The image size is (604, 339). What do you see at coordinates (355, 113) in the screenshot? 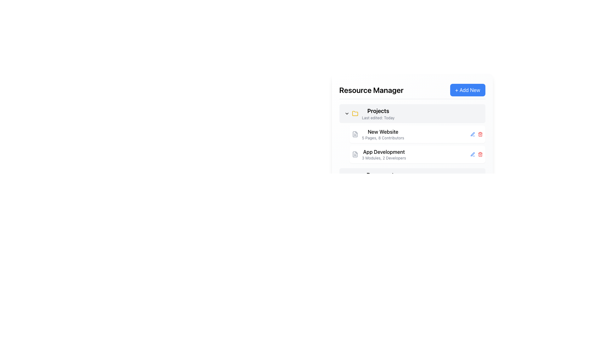
I see `the yellow folder icon with a black outline located to the left of the text 'Projects' in the 'Resource Manager' section` at bounding box center [355, 113].